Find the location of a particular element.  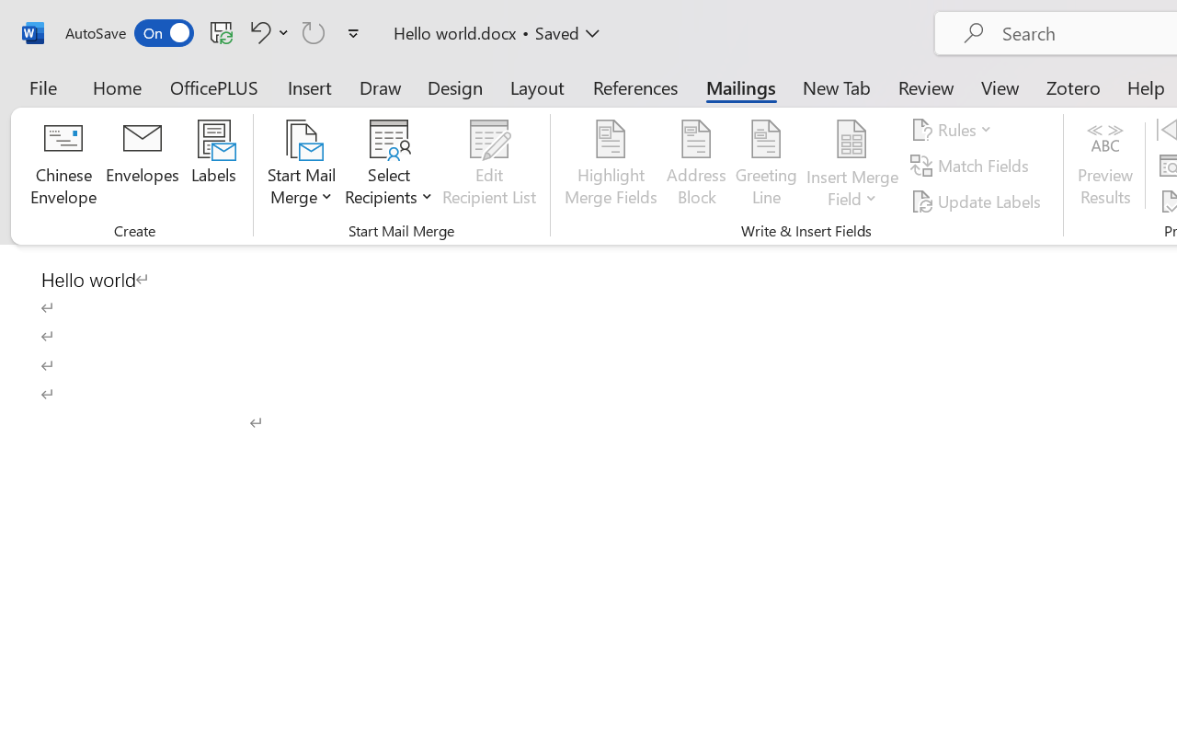

'Start Mail Merge' is located at coordinates (302, 165).